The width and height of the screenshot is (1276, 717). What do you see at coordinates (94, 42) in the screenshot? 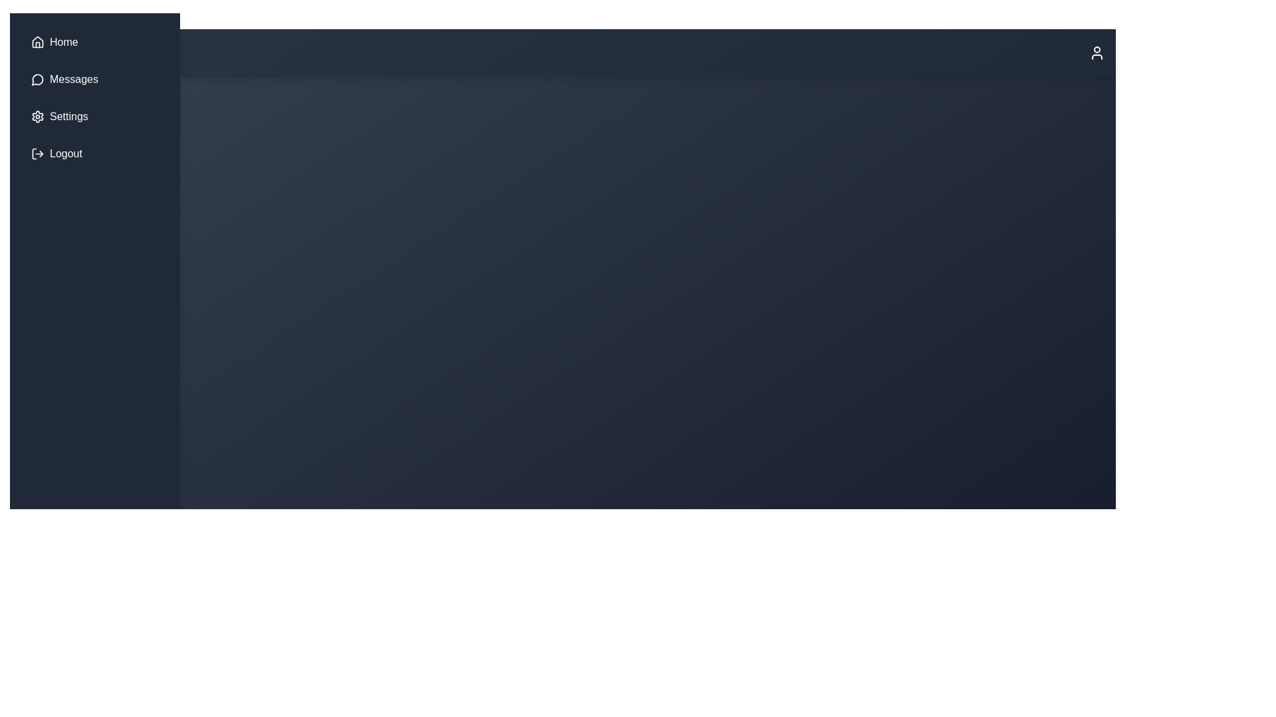
I see `the 'Home' button in the navigation bar` at bounding box center [94, 42].